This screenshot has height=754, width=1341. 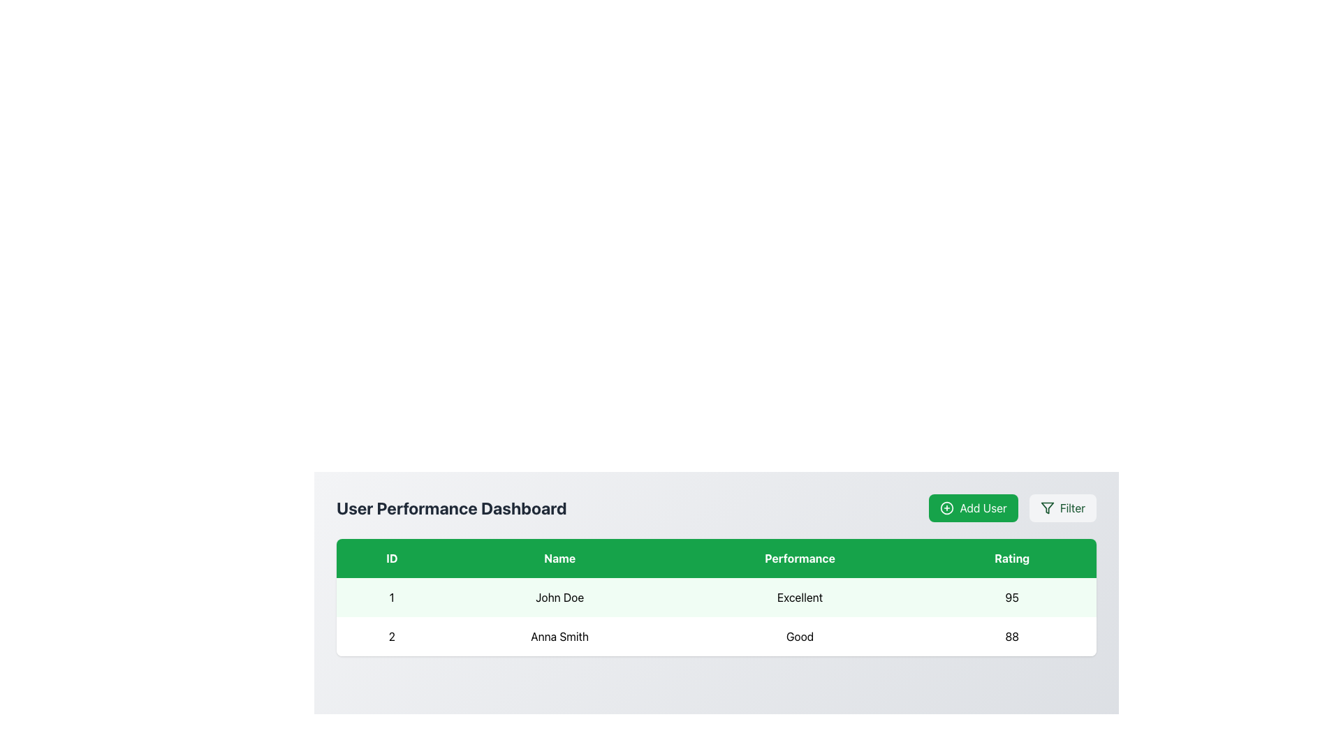 What do you see at coordinates (451, 508) in the screenshot?
I see `the Text Label that serves as the heading for the dashboard, located on the left side of the header section above the data table, to the left of the 'Add User' and 'Filter' buttons` at bounding box center [451, 508].